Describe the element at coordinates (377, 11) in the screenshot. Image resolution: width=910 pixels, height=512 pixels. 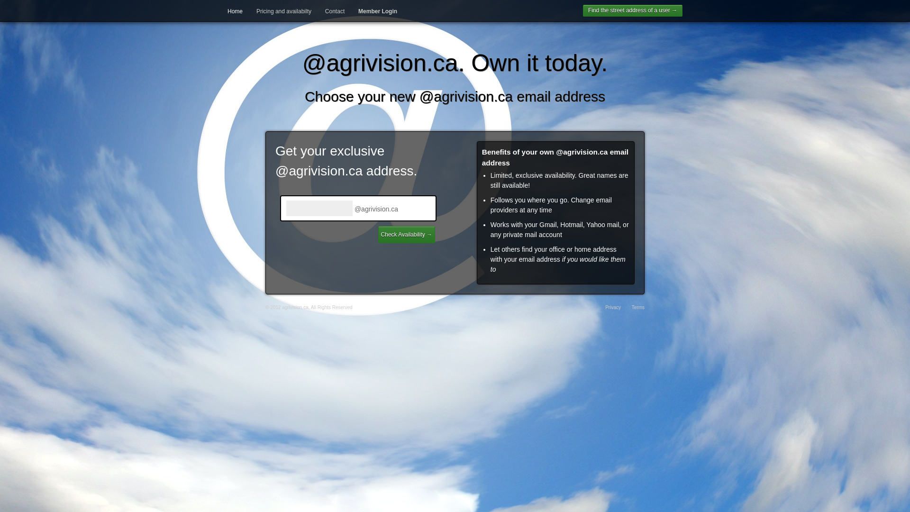
I see `'Member Login'` at that location.